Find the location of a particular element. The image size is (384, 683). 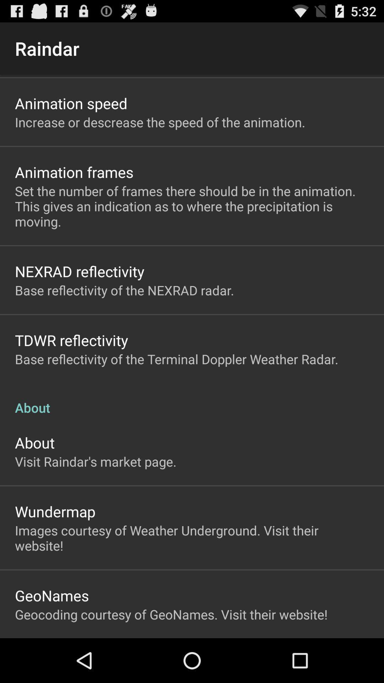

the app below the visit raindar s app is located at coordinates (55, 511).